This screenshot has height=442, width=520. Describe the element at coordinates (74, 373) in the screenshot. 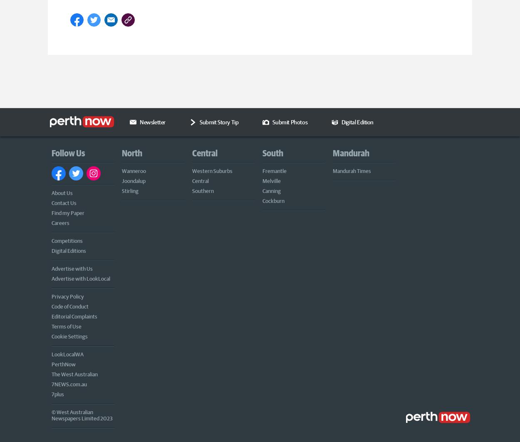

I see `'The West Australian'` at that location.